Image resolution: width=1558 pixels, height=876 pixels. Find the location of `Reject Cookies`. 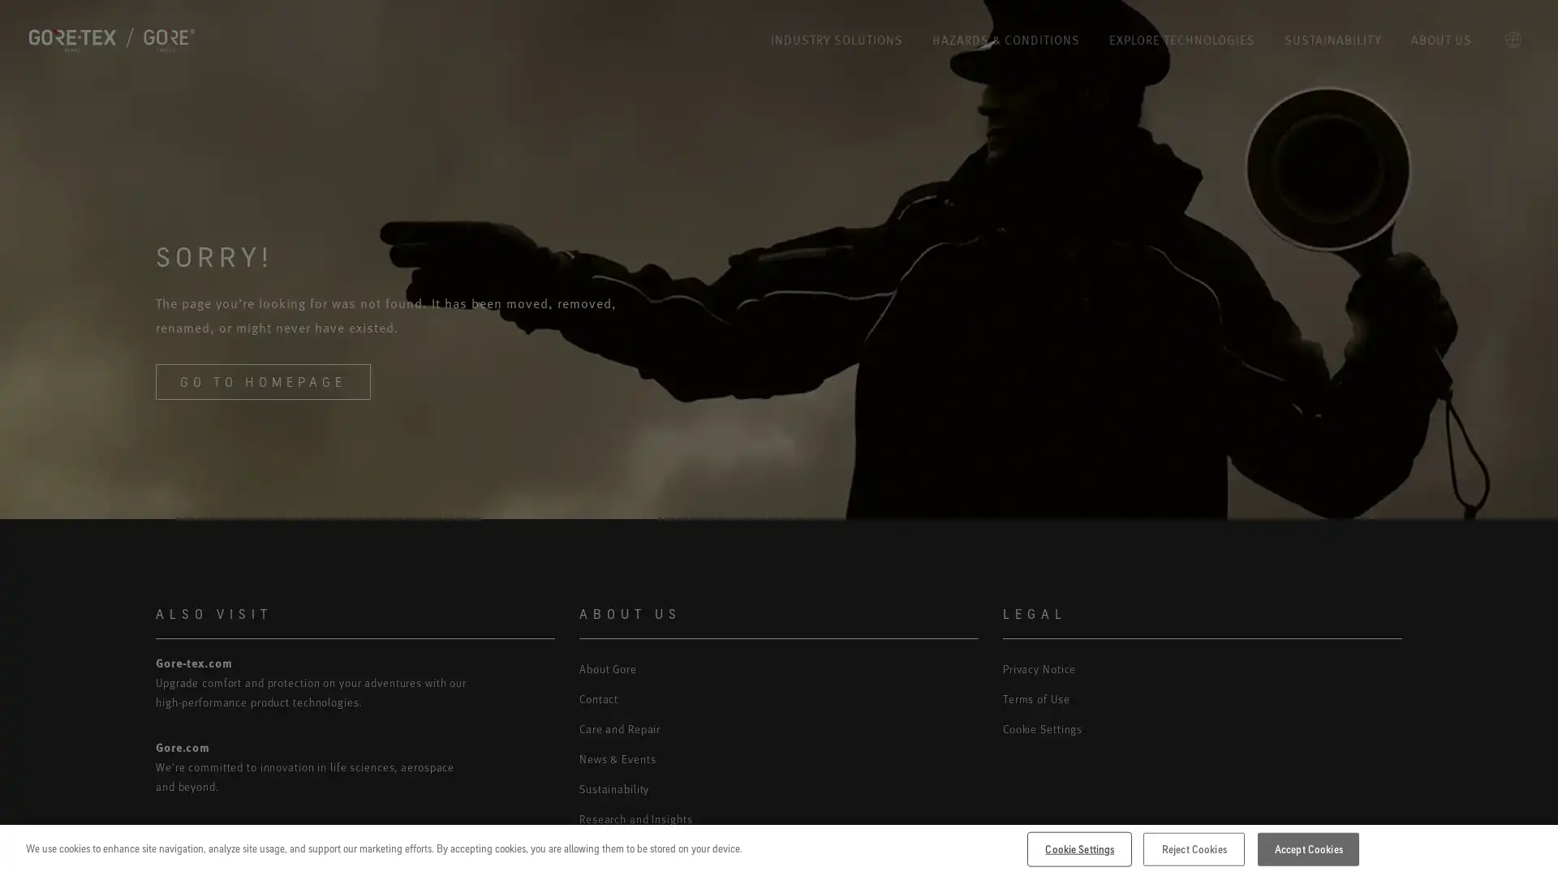

Reject Cookies is located at coordinates (1194, 848).